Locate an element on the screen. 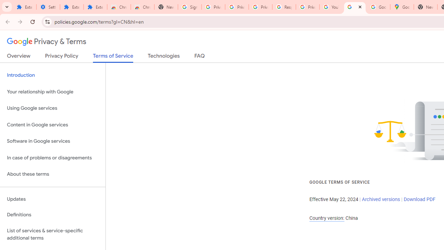 The height and width of the screenshot is (250, 444). 'Settings' is located at coordinates (48, 7).